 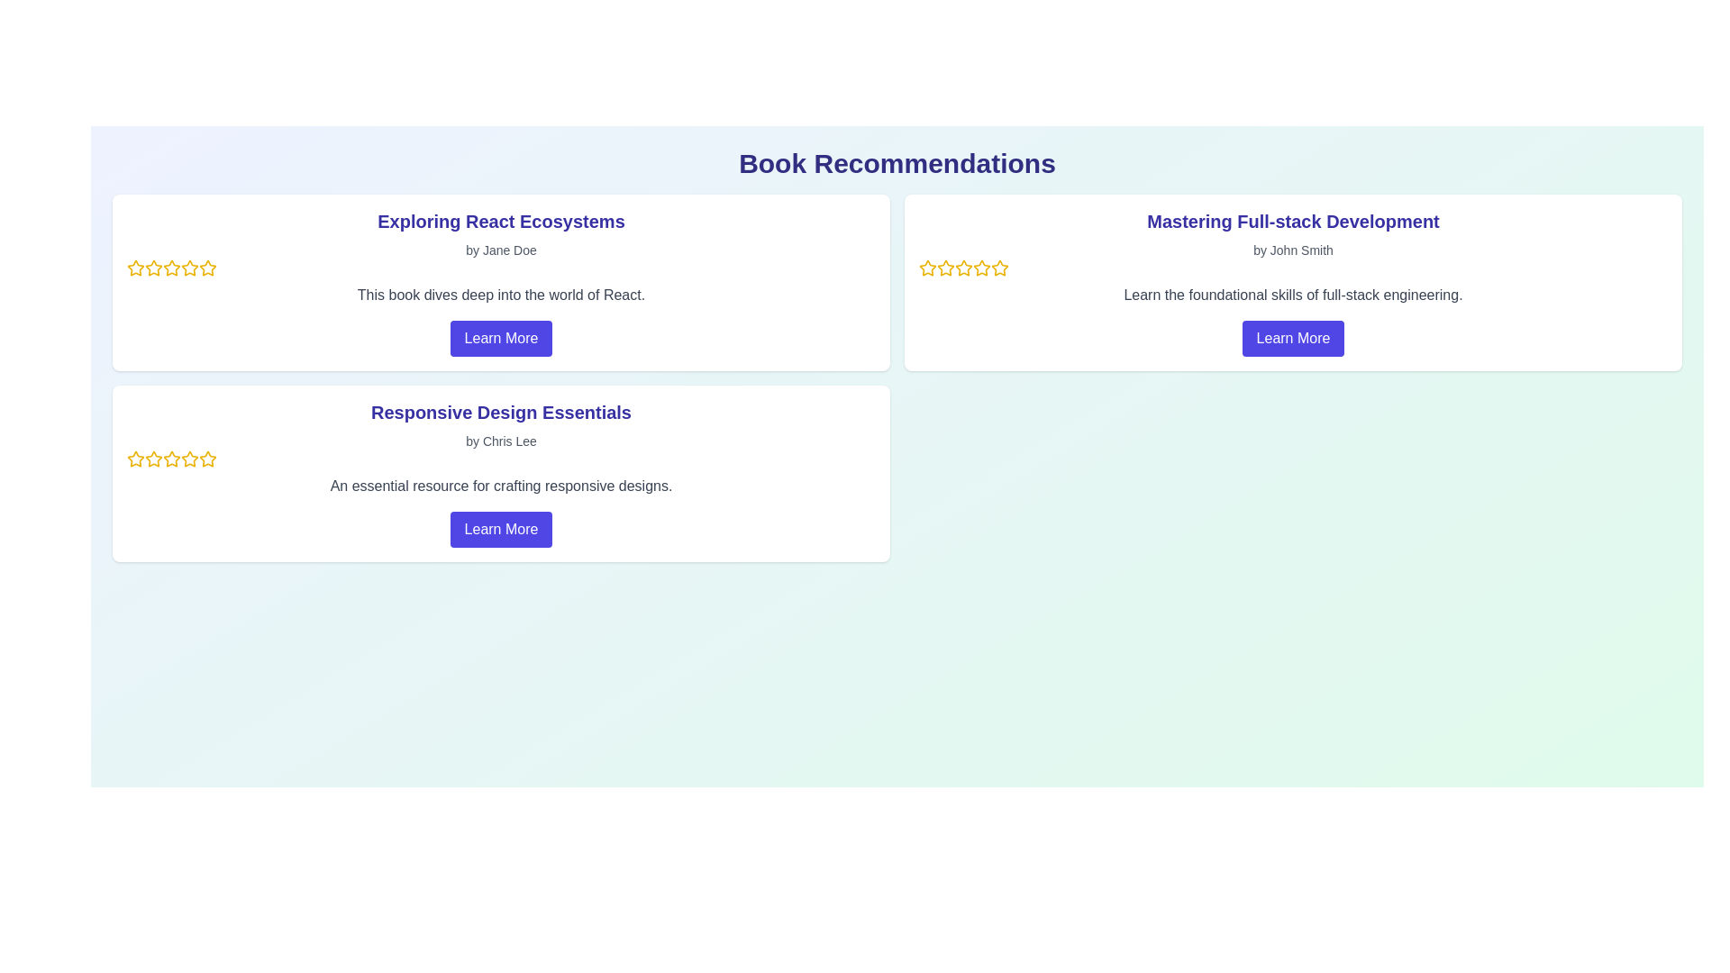 What do you see at coordinates (897, 163) in the screenshot?
I see `the Header text element that displays 'Book Recommendations' in bold, extra-large dark indigo text at the top of the page` at bounding box center [897, 163].